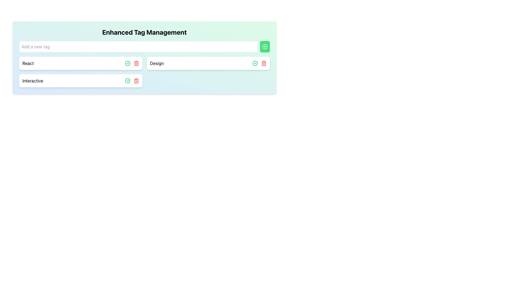 The image size is (525, 295). I want to click on the circular green icon with a plus sign embedded in the button adjacent to the input field labeled 'Add a new tag', so click(265, 46).